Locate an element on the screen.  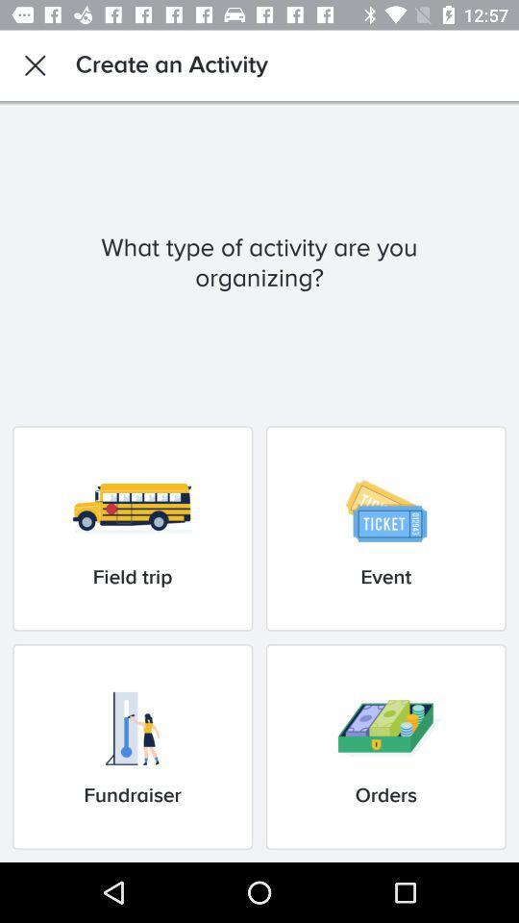
the orders item is located at coordinates (385, 746).